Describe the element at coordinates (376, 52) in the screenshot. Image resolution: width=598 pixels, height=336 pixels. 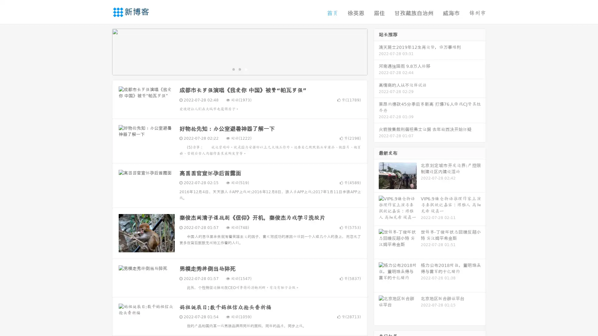
I see `Next slide` at that location.